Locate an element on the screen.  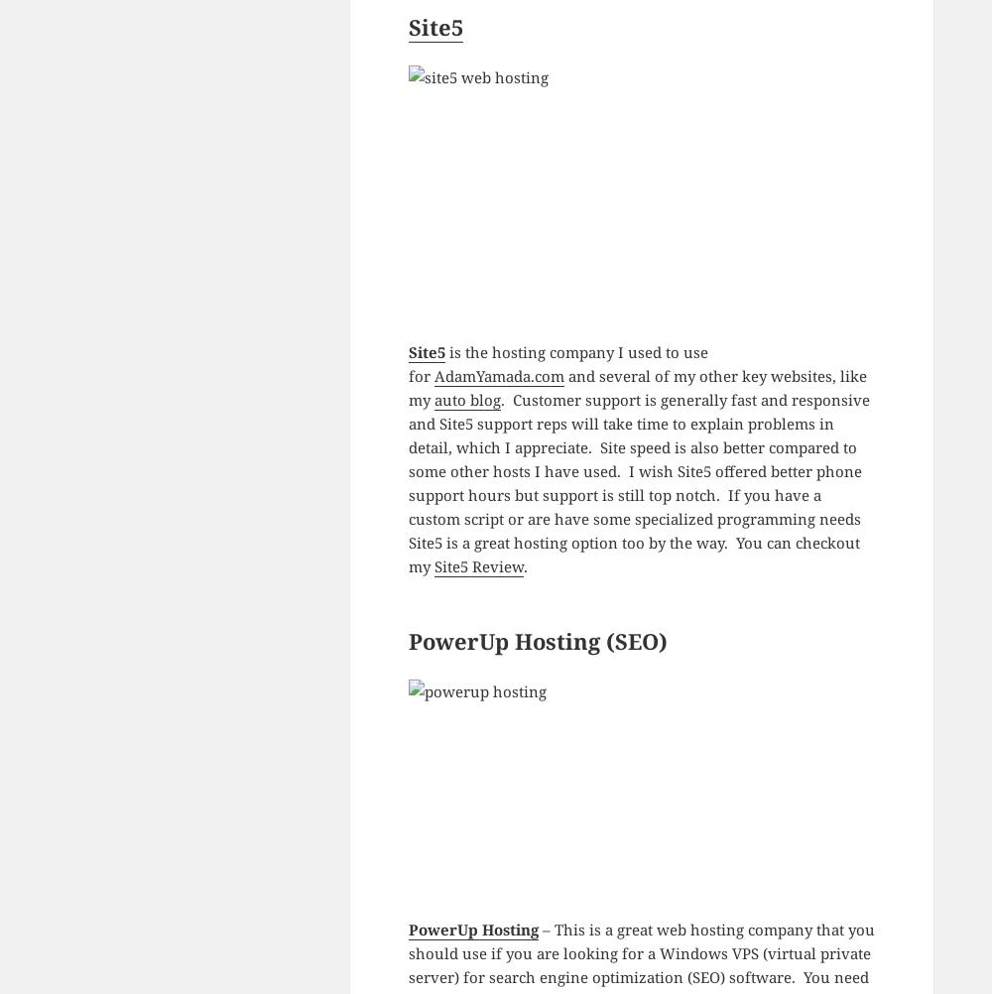
'and several of my other key websites, like my' is located at coordinates (637, 387).